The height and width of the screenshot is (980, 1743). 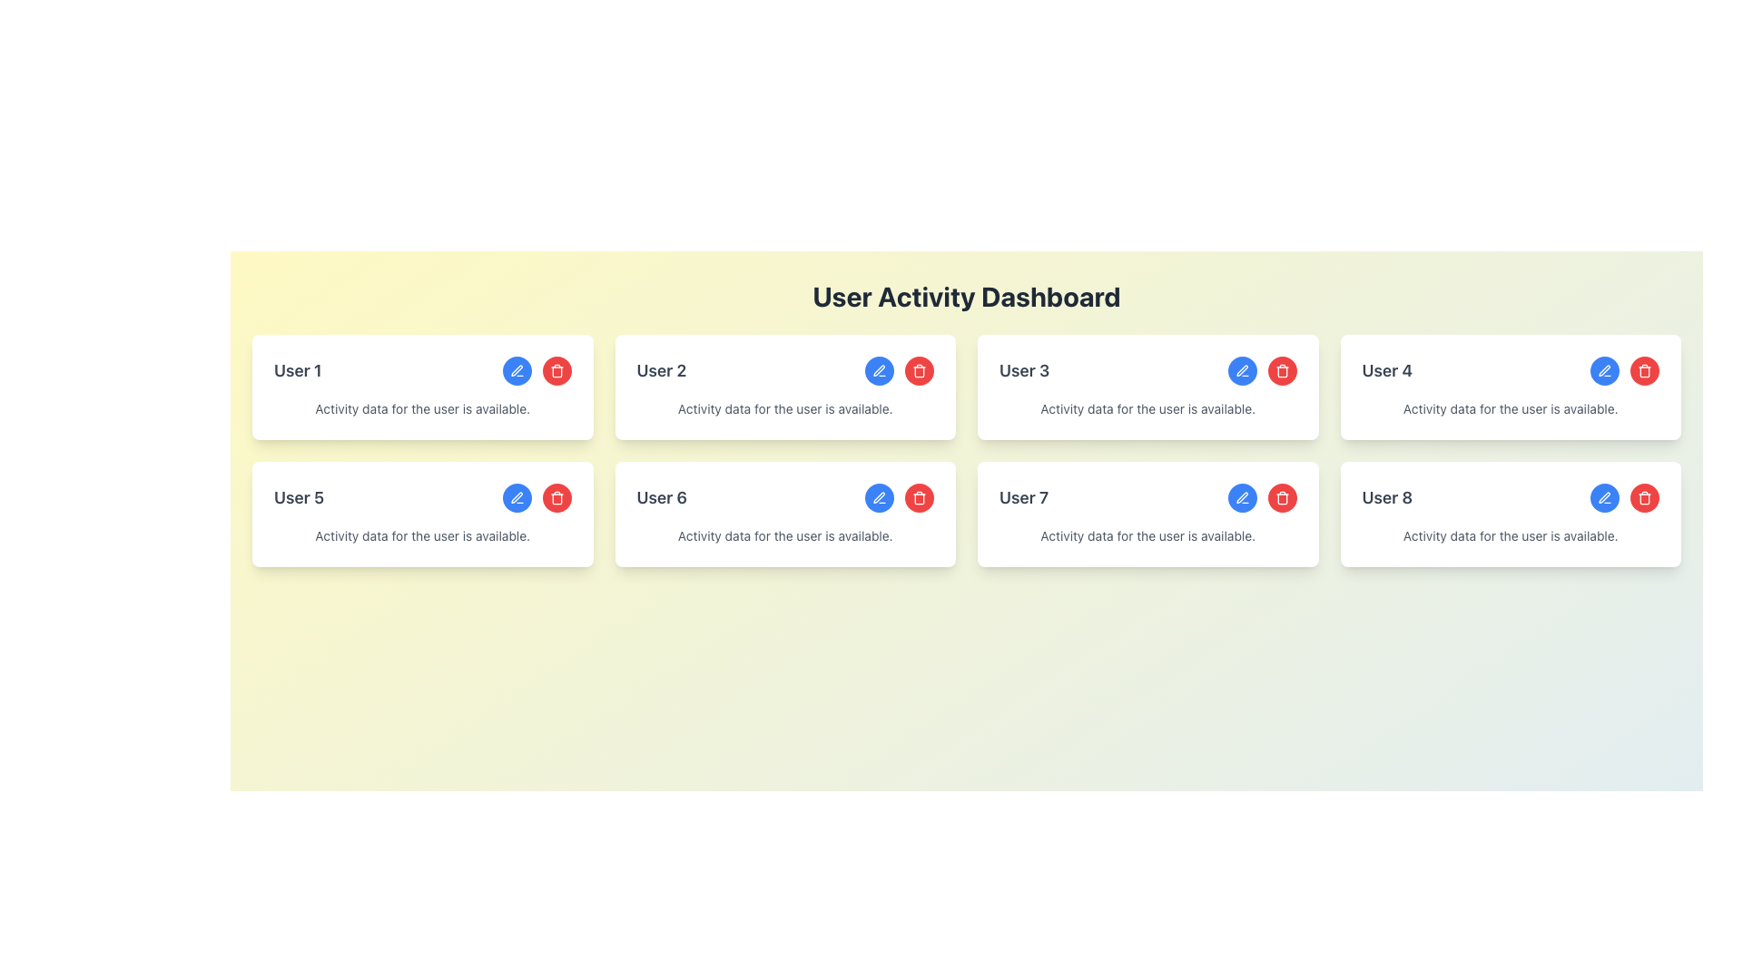 What do you see at coordinates (1644, 497) in the screenshot?
I see `the circular red delete button with a white trash can icon located on the far-right side of User 8's card in the User Activity Dashboard` at bounding box center [1644, 497].